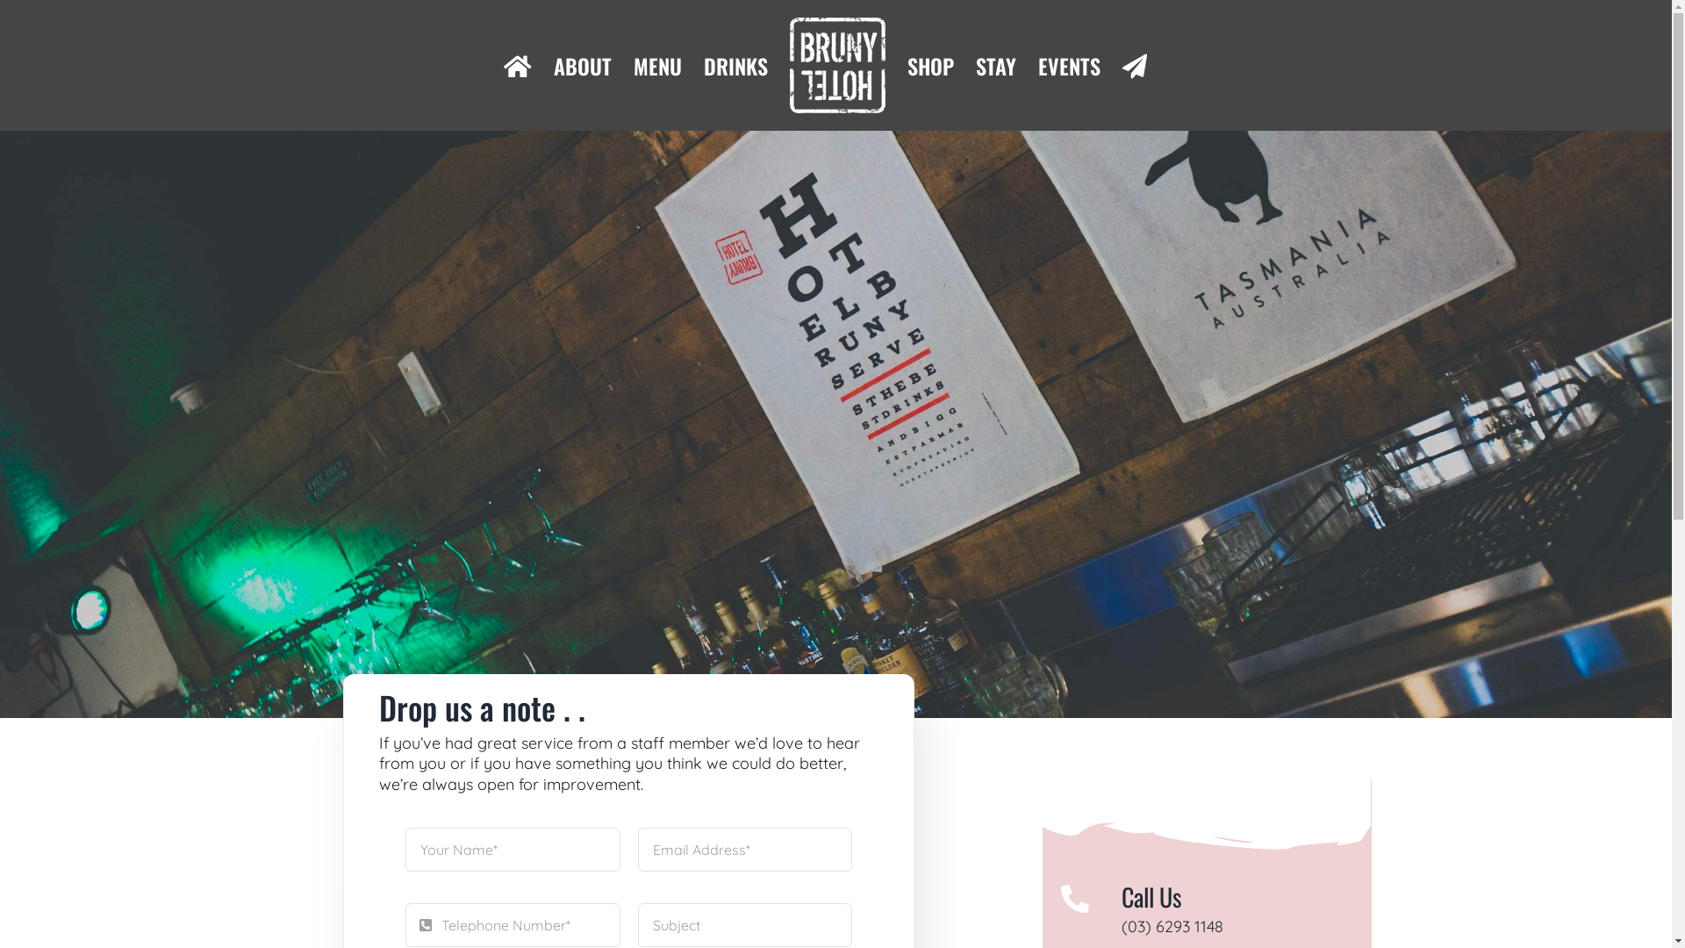 The width and height of the screenshot is (1685, 948). What do you see at coordinates (1067, 64) in the screenshot?
I see `'EVENTS'` at bounding box center [1067, 64].